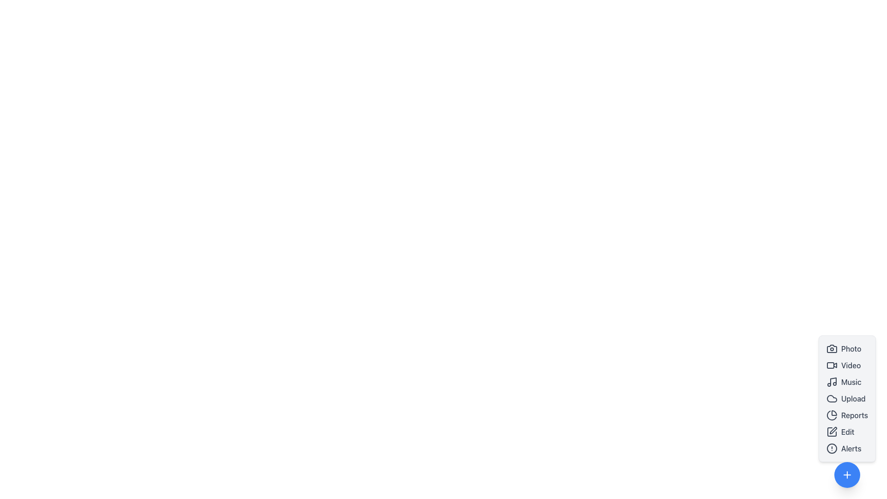 The height and width of the screenshot is (499, 887). What do you see at coordinates (832, 414) in the screenshot?
I see `the pie chart icon, which is part of the 'Reports' menu item, to change its color from gray to yellow` at bounding box center [832, 414].